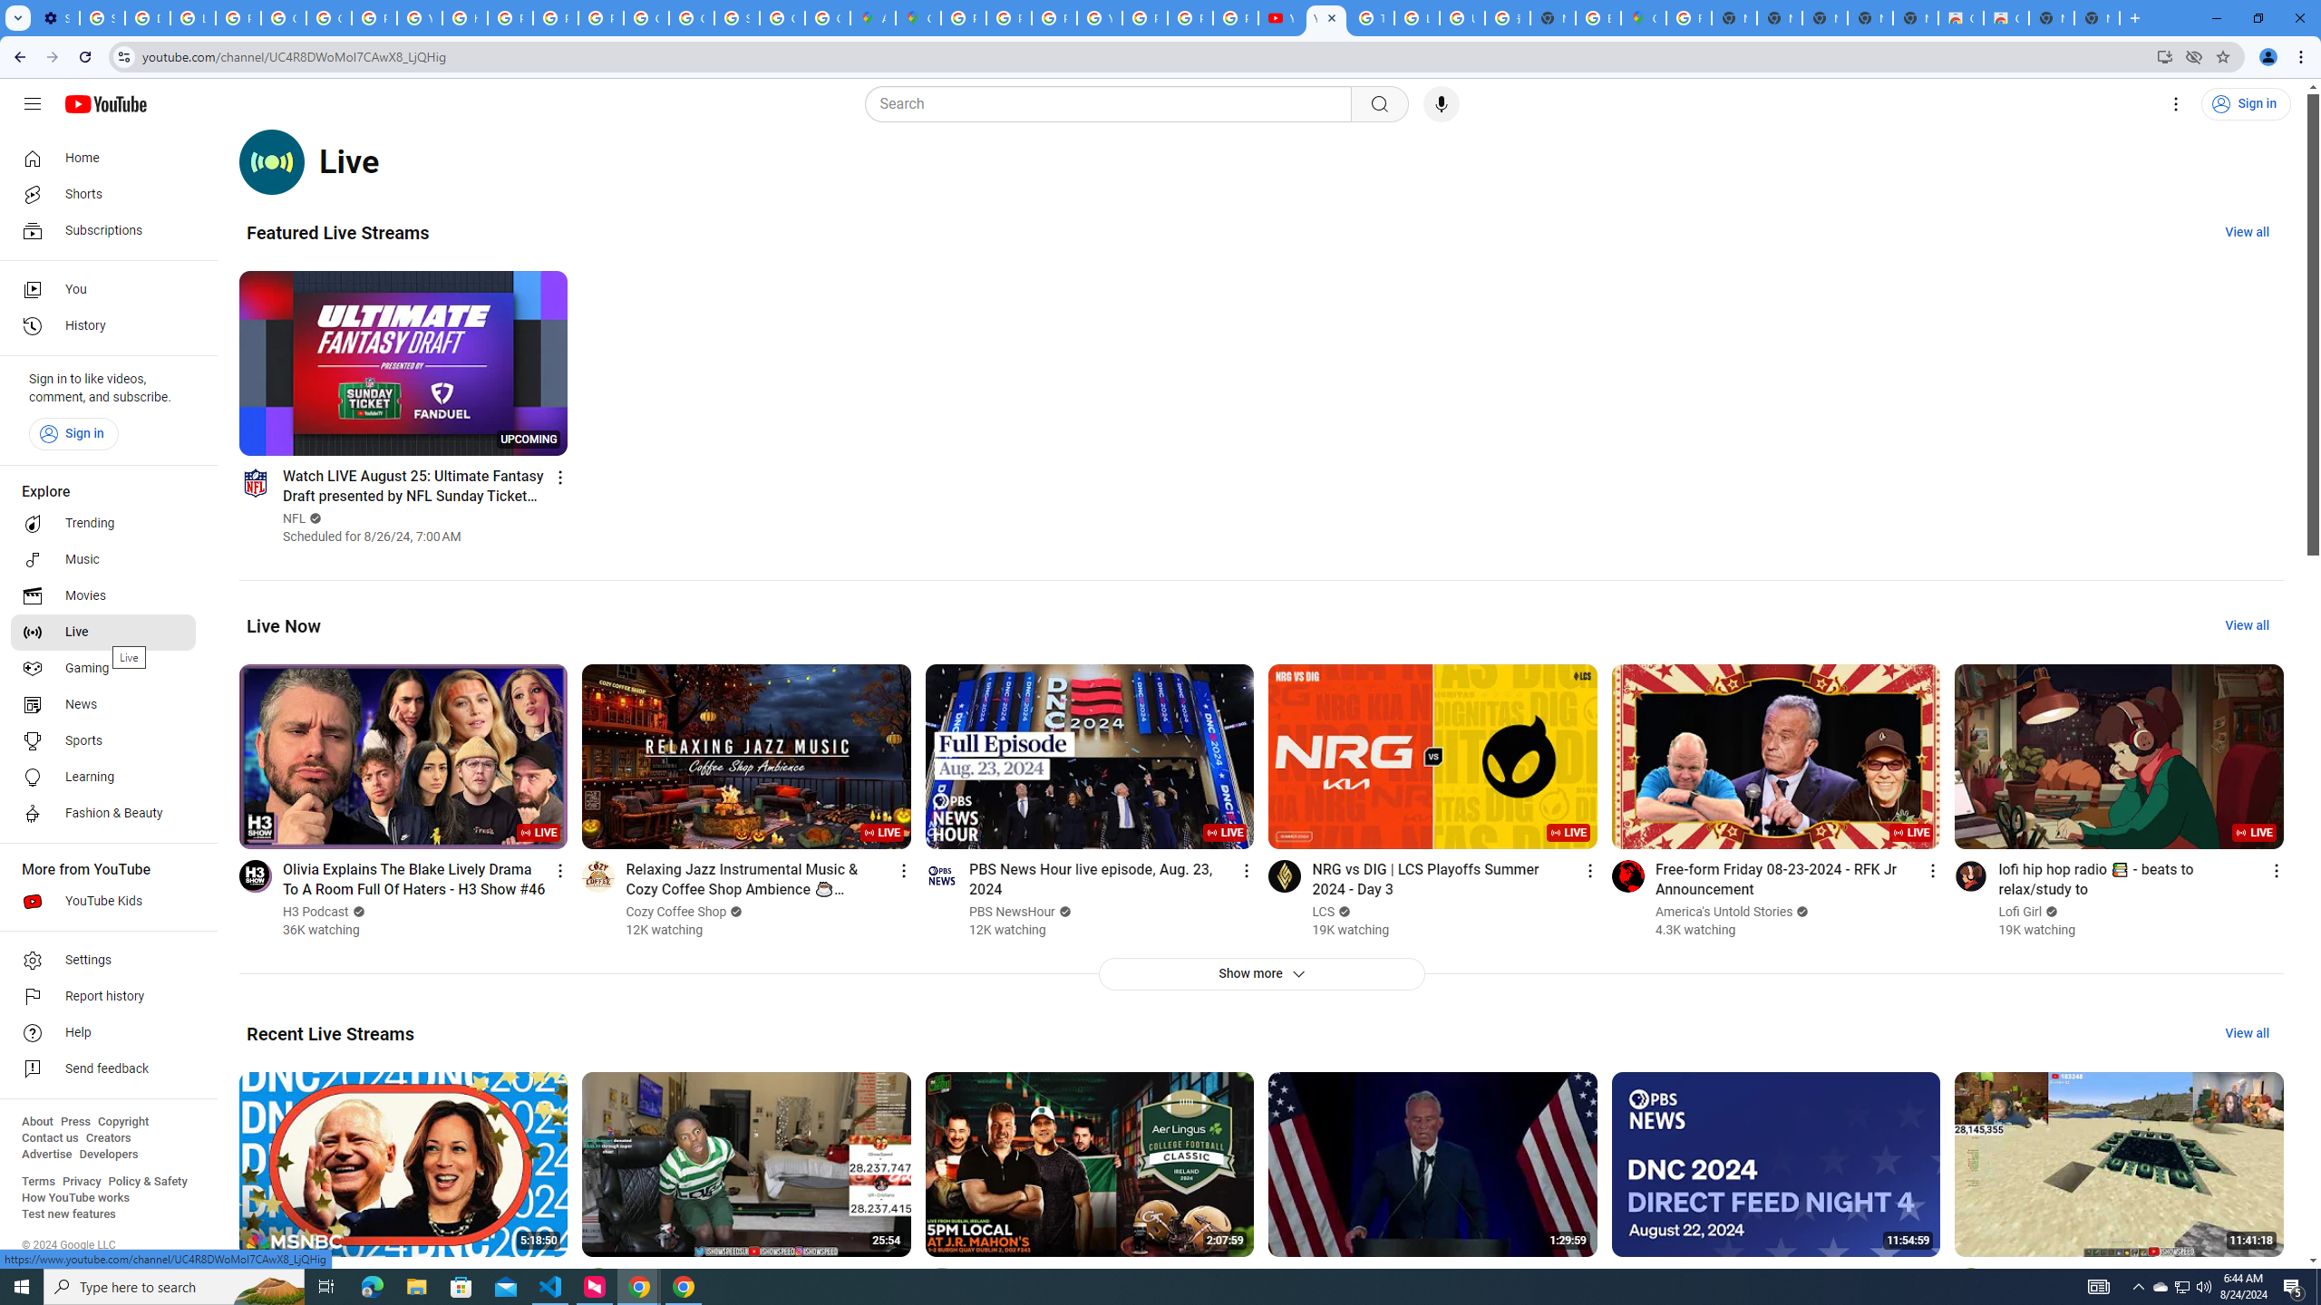  What do you see at coordinates (1260, 972) in the screenshot?
I see `'Show more'` at bounding box center [1260, 972].